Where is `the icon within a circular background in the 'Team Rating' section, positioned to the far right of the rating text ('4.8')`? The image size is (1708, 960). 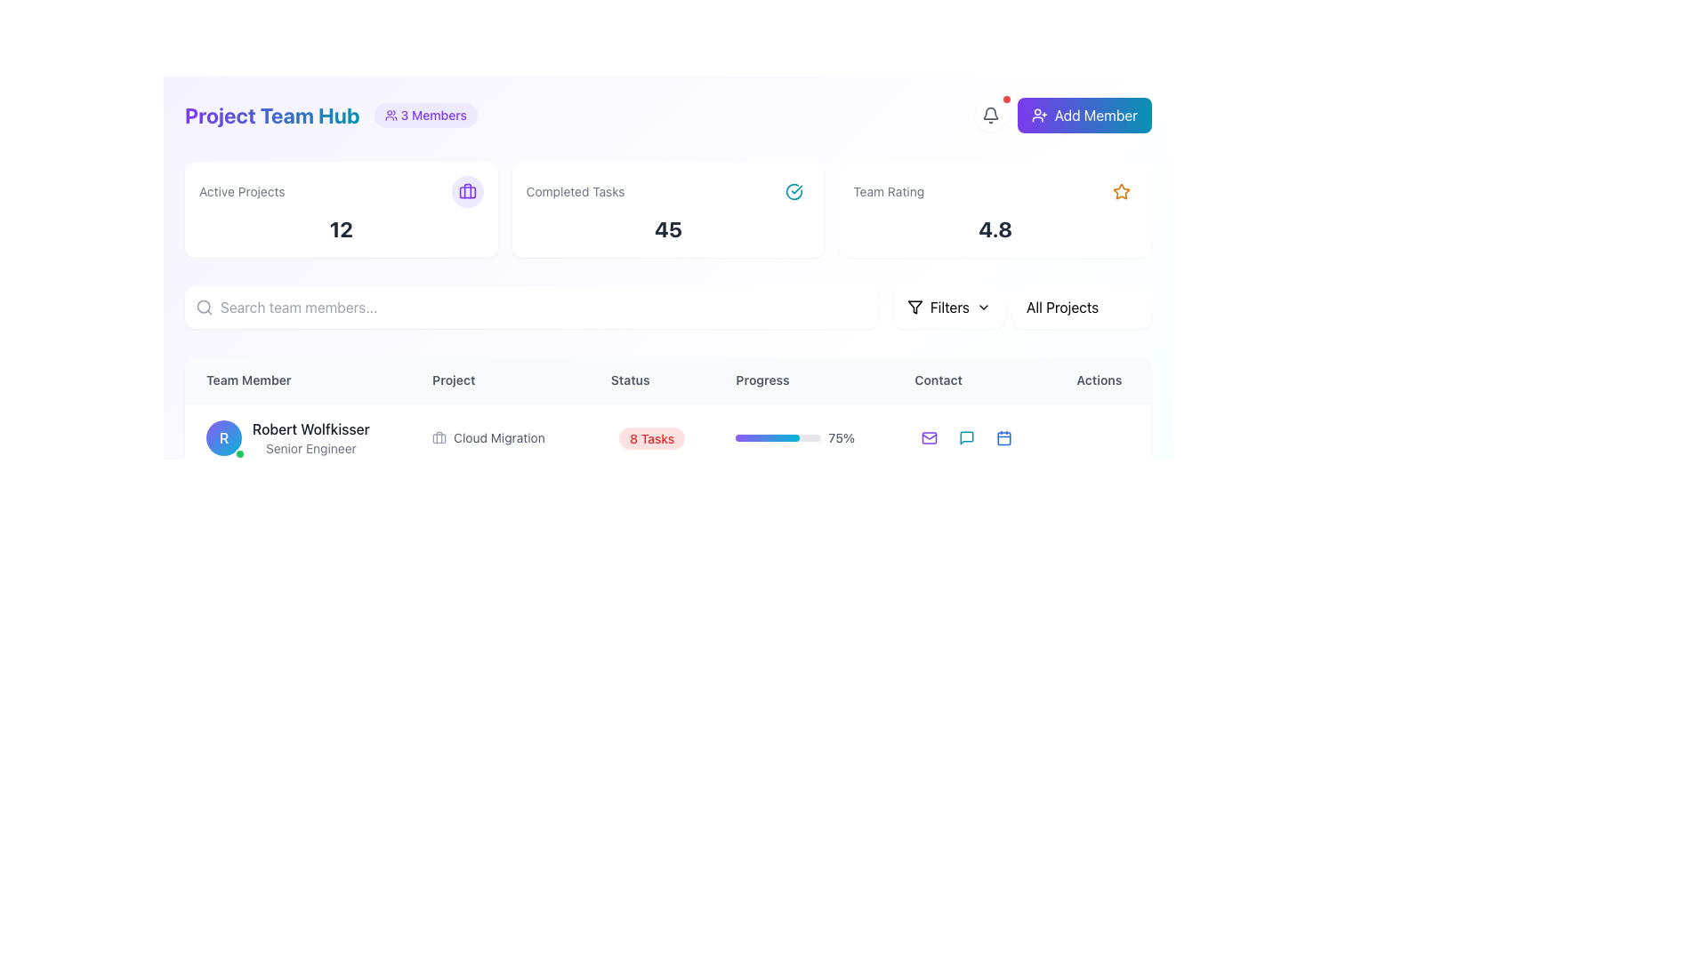 the icon within a circular background in the 'Team Rating' section, positioned to the far right of the rating text ('4.8') is located at coordinates (1121, 192).